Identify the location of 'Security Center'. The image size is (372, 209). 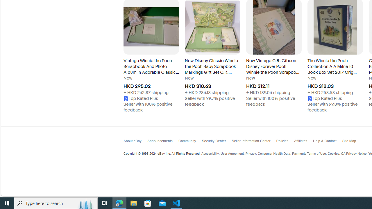
(216, 143).